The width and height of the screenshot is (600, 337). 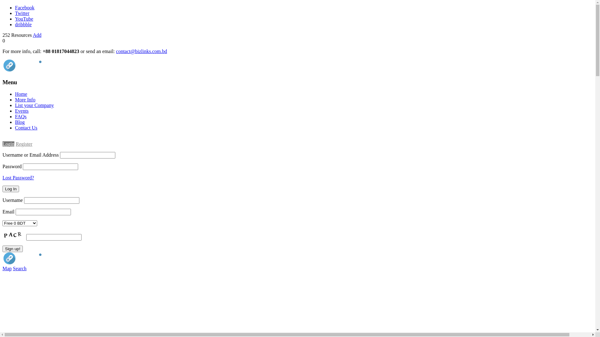 What do you see at coordinates (141, 51) in the screenshot?
I see `'contact@bizlinks.com.bd'` at bounding box center [141, 51].